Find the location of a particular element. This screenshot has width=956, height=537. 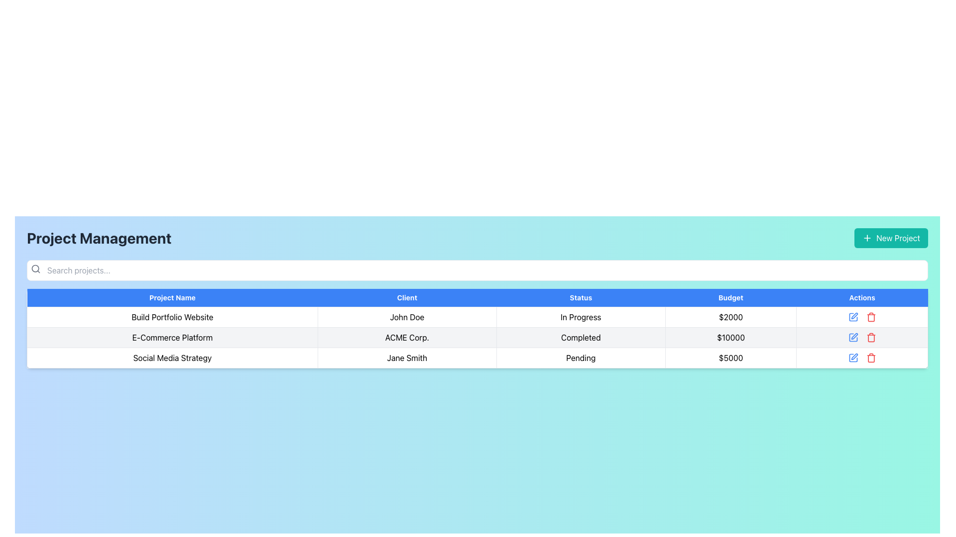

the deletion button icon located in the last row of the 'Actions' column of the table is located at coordinates (870, 358).